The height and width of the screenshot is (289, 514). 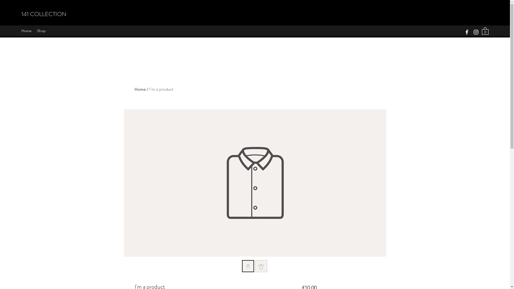 I want to click on '0', so click(x=485, y=31).